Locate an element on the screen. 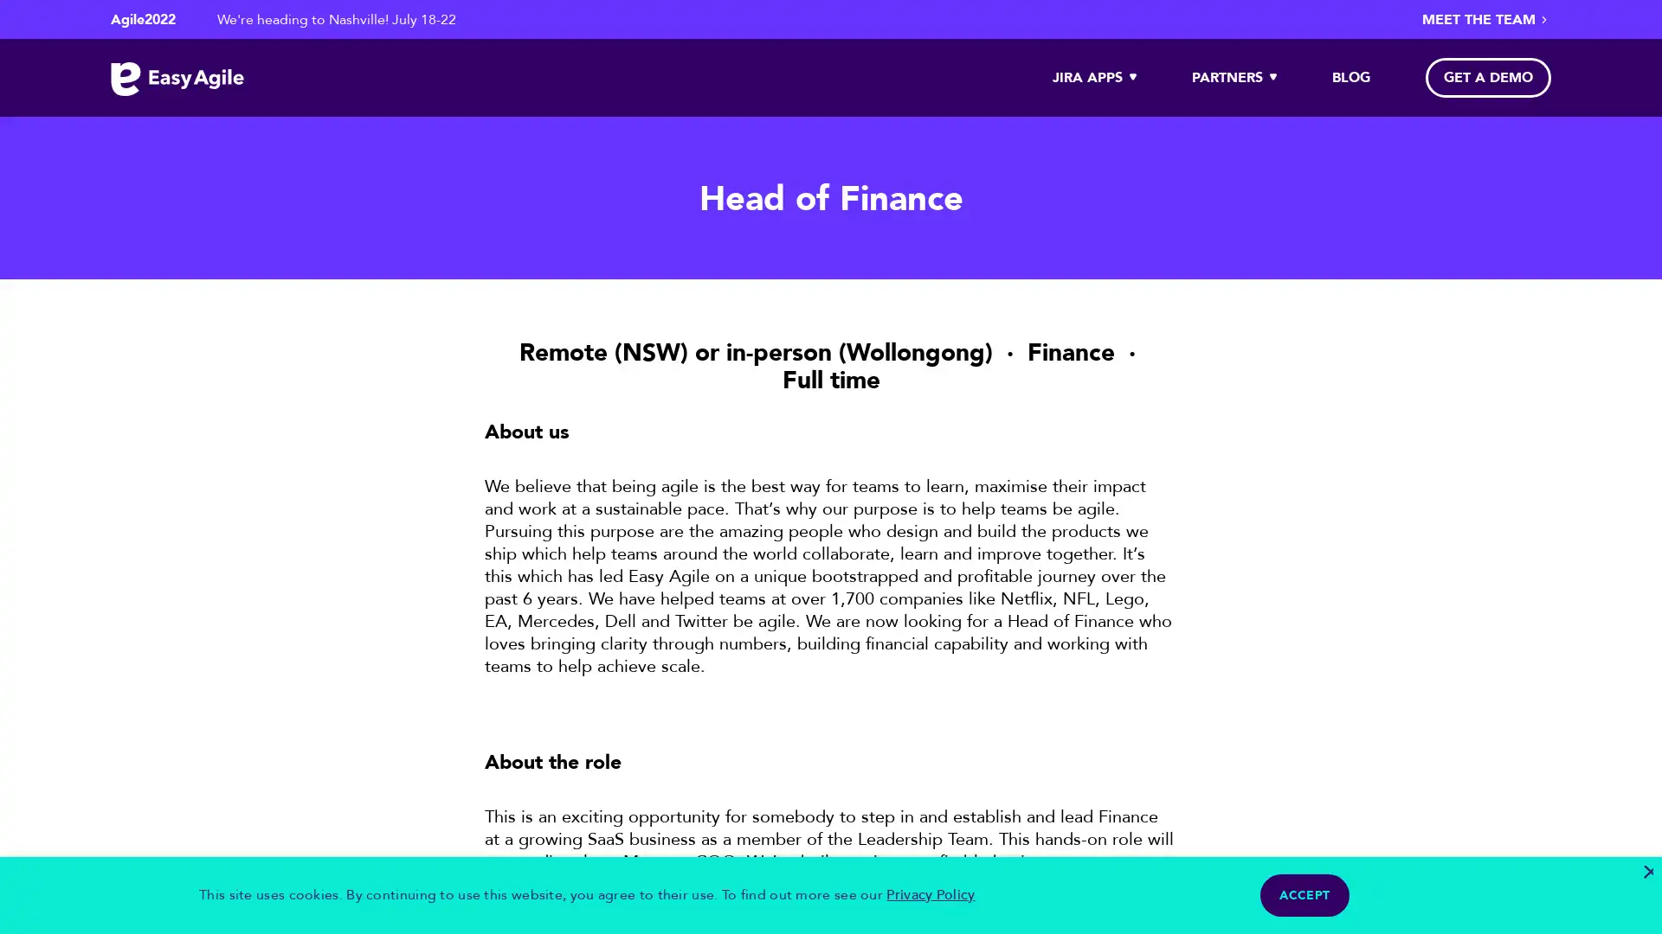 This screenshot has height=934, width=1662. ACCEPT is located at coordinates (1304, 895).